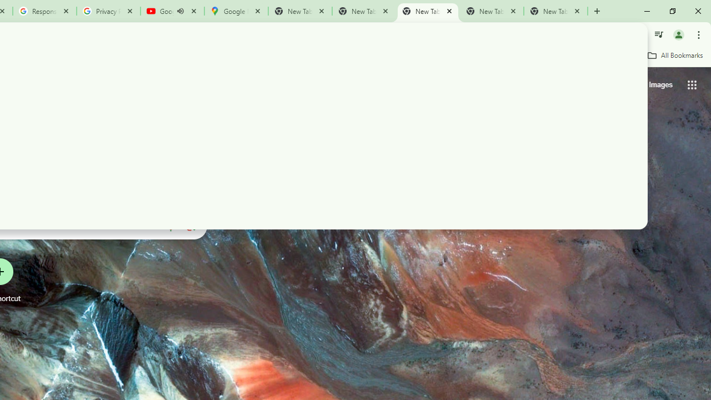  What do you see at coordinates (555, 11) in the screenshot?
I see `'New Tab'` at bounding box center [555, 11].